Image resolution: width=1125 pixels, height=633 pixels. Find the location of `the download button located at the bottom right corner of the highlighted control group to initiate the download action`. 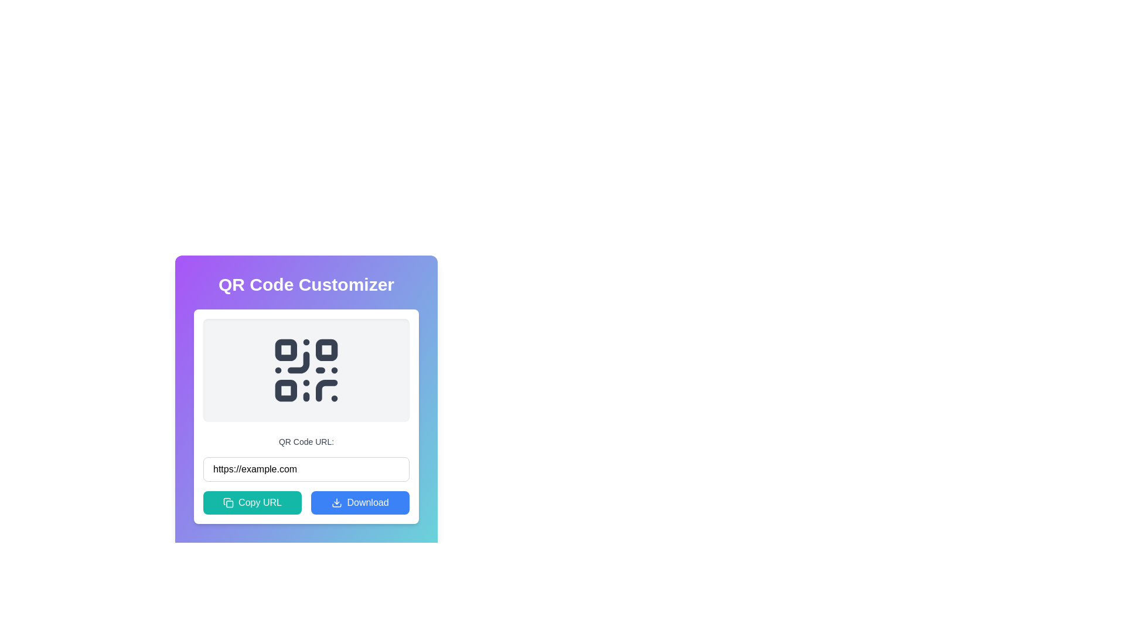

the download button located at the bottom right corner of the highlighted control group to initiate the download action is located at coordinates (359, 502).